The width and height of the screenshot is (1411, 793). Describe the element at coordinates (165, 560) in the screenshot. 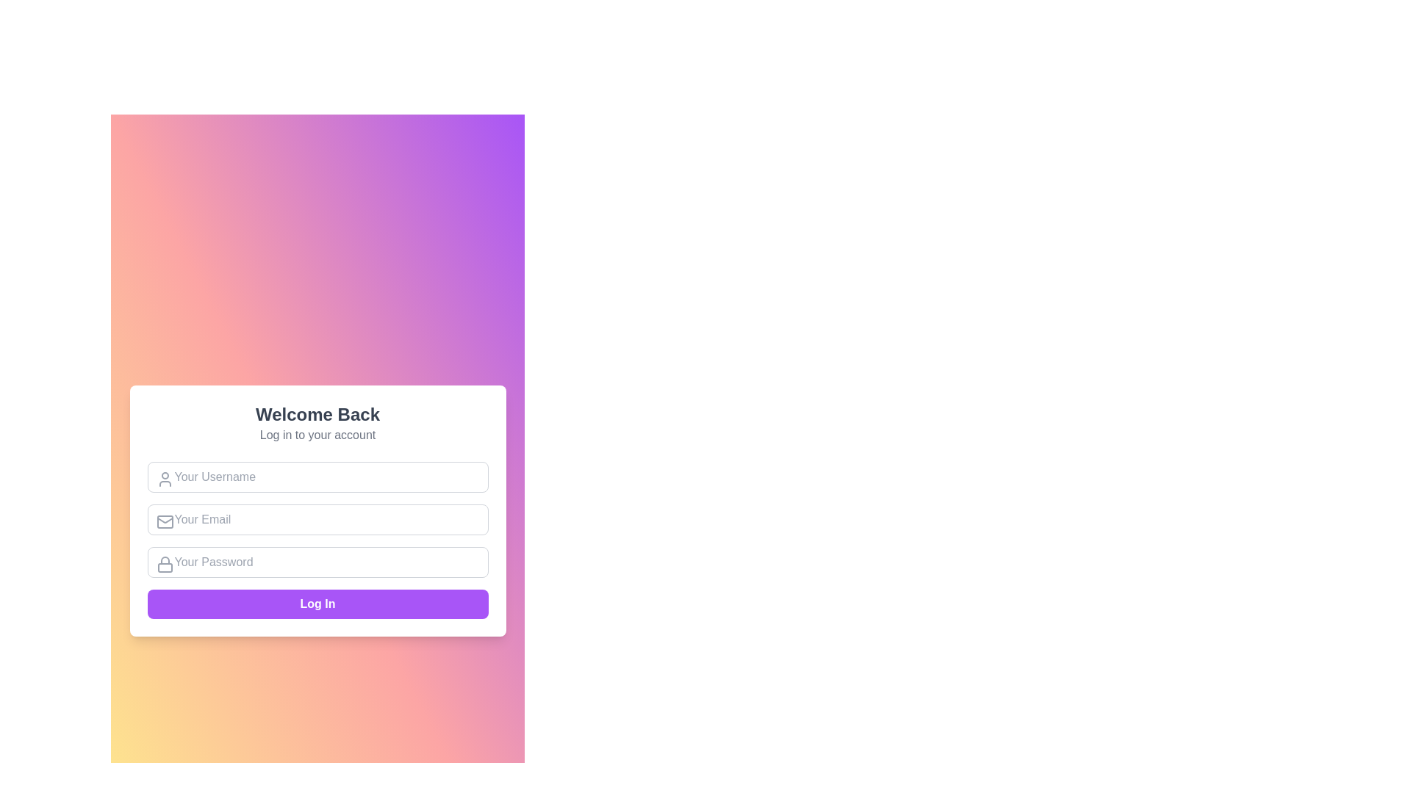

I see `the graphical icon that is part of the lock icon, which symbolizes the password input field's security feature, located to the left of the 'Your Password' input field` at that location.